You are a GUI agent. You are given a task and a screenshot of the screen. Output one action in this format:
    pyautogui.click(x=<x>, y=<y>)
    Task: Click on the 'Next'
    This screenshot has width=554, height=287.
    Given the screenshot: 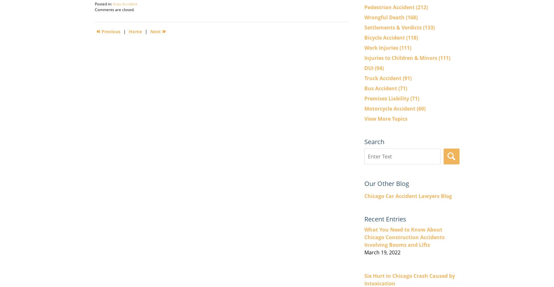 What is the action you would take?
    pyautogui.click(x=155, y=31)
    